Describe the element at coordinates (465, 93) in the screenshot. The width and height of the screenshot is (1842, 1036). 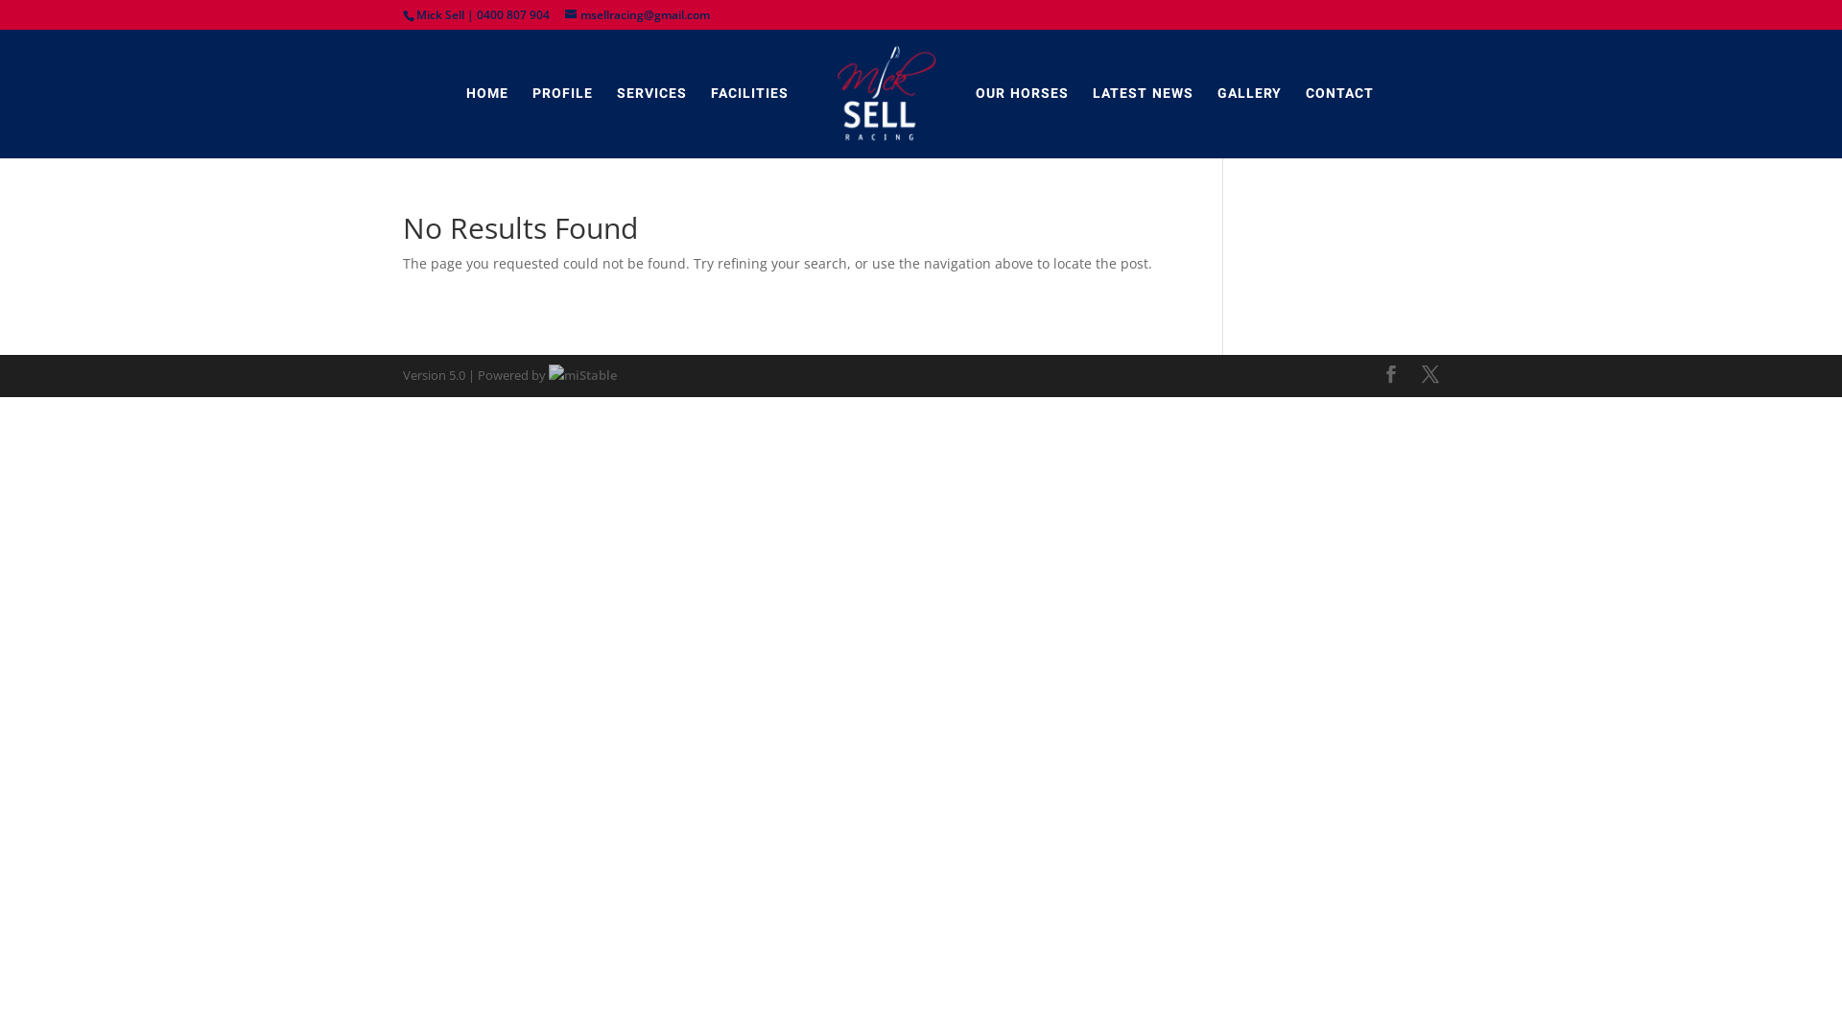
I see `'HOME'` at that location.